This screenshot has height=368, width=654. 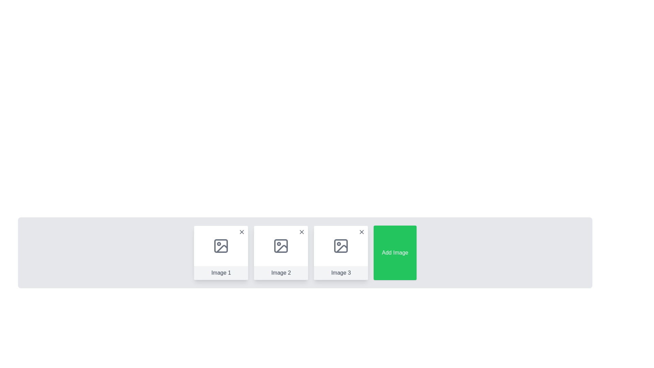 I want to click on the interactive button located at the rightmost position next to the 'Image 3' button, so click(x=394, y=252).